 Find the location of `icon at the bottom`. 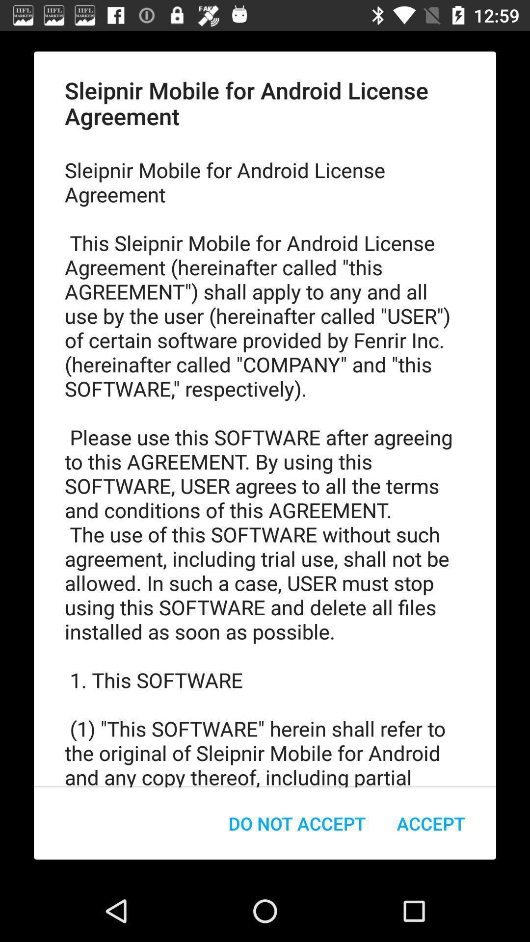

icon at the bottom is located at coordinates (296, 823).